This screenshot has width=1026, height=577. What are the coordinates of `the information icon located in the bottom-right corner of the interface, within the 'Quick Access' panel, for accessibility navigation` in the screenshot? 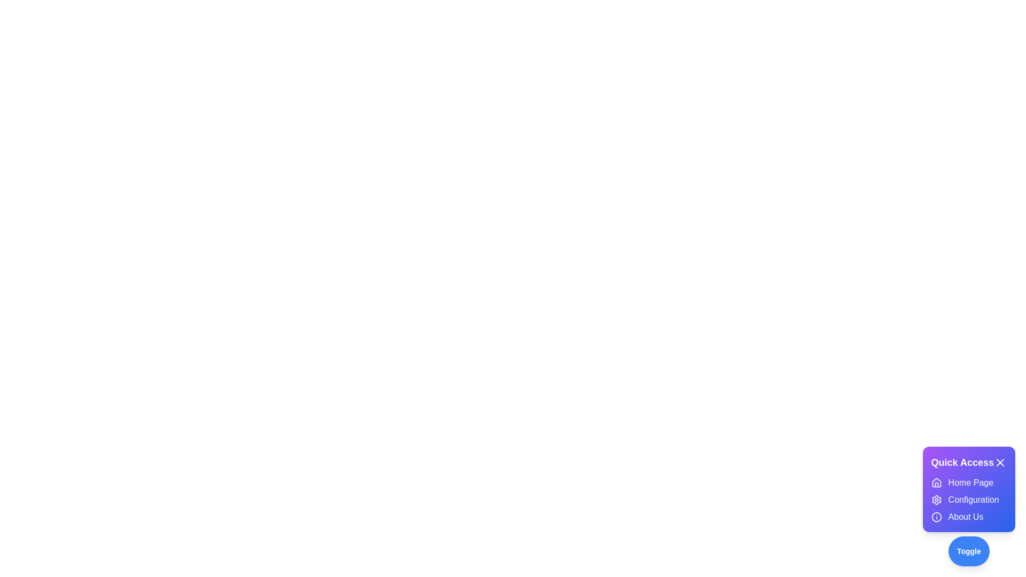 It's located at (936, 517).